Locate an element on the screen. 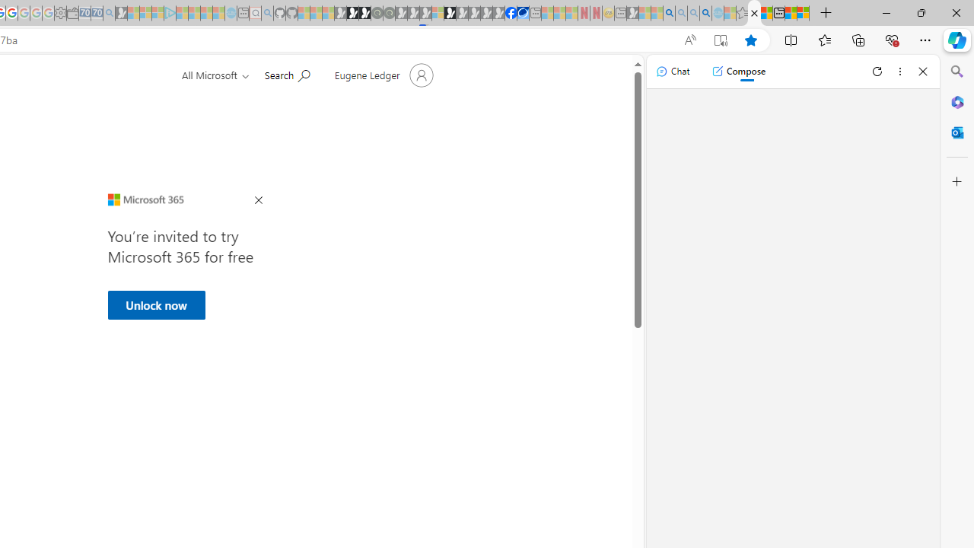 This screenshot has width=974, height=548. 'Aberdeen, Hong Kong SAR weather forecast | Microsoft Weather' is located at coordinates (766, 13).